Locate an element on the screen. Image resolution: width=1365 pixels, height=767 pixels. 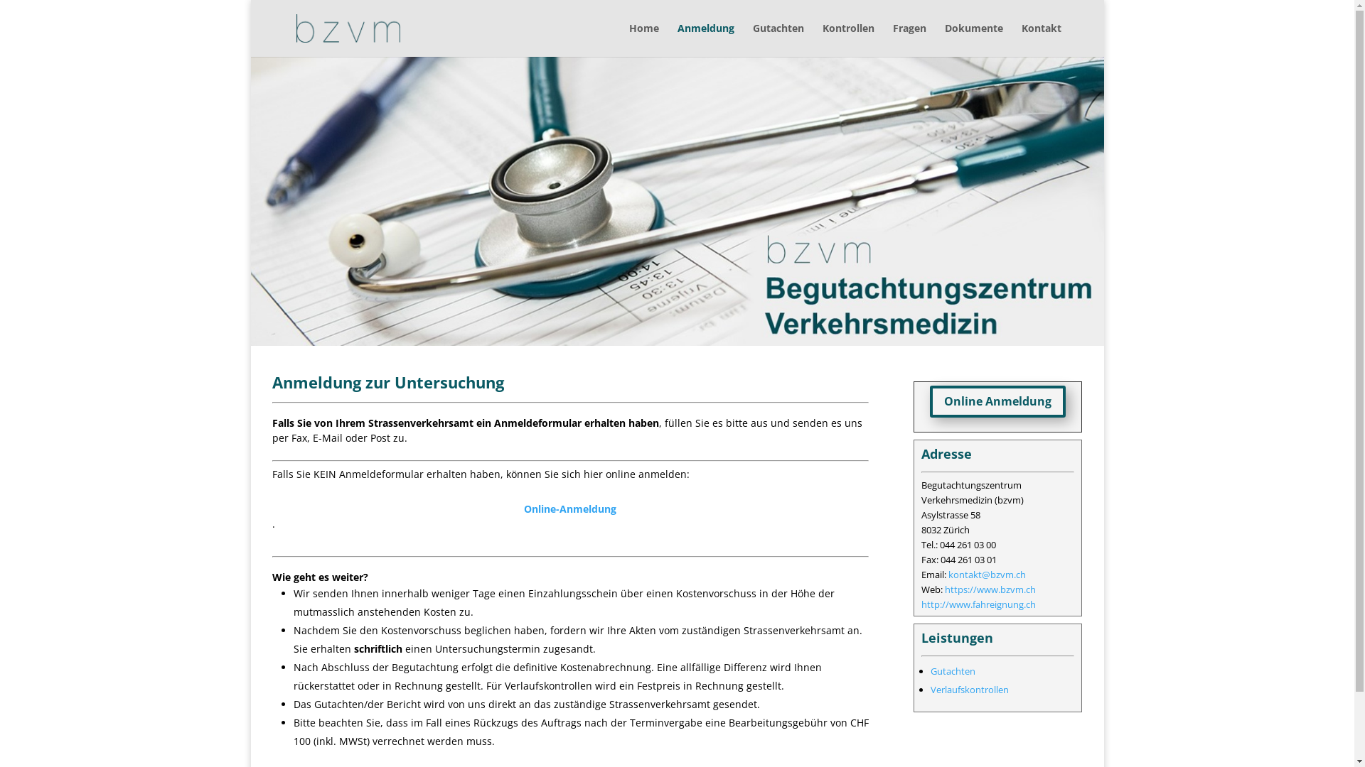
'Gutachten' is located at coordinates (751, 39).